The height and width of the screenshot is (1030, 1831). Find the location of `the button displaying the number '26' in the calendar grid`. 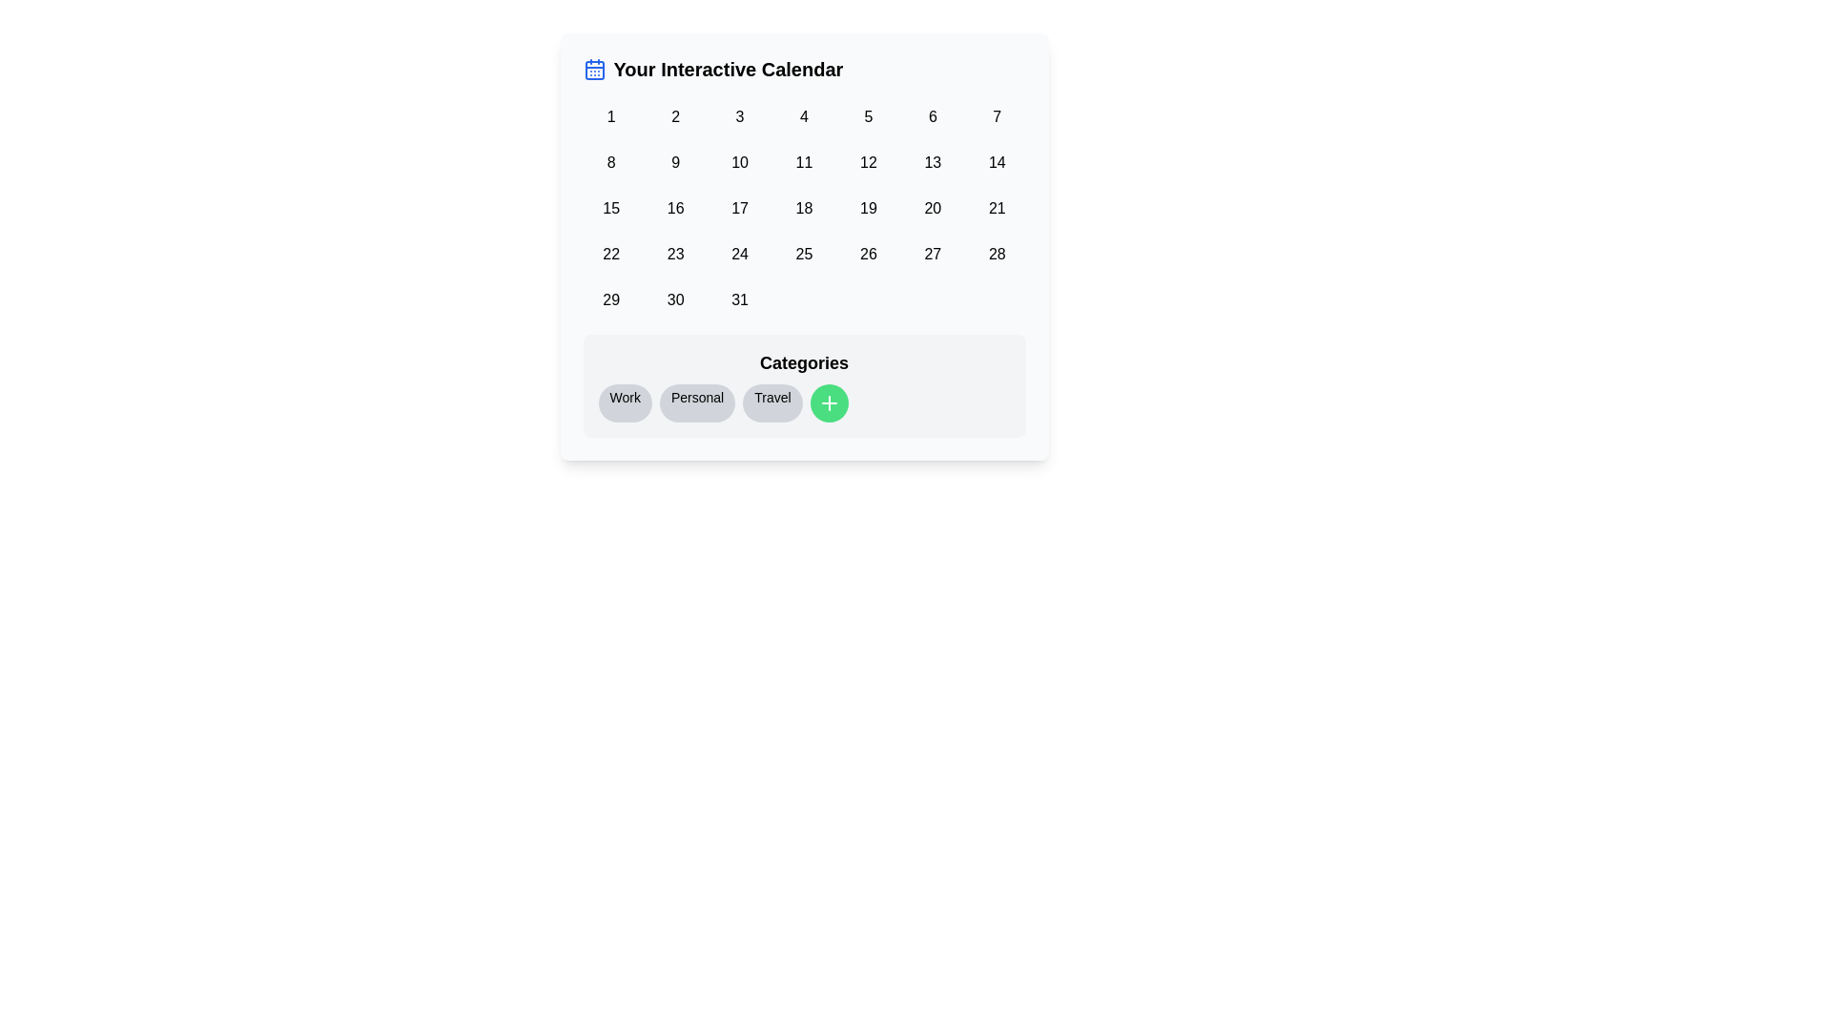

the button displaying the number '26' in the calendar grid is located at coordinates (867, 253).